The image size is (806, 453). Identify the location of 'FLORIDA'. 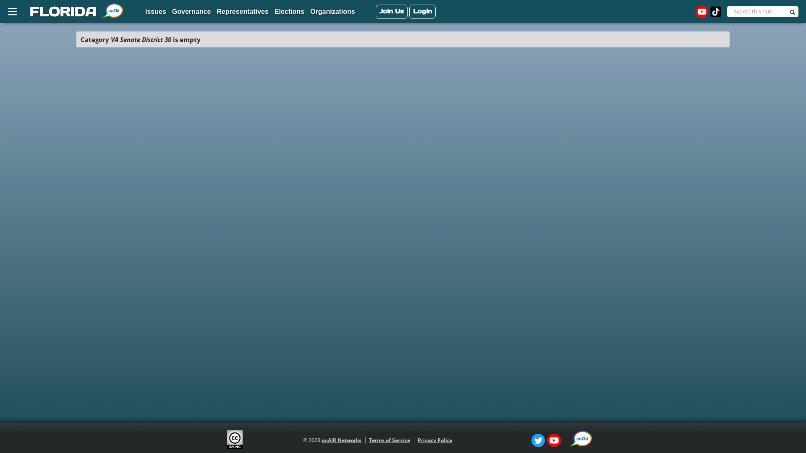
(60, 11).